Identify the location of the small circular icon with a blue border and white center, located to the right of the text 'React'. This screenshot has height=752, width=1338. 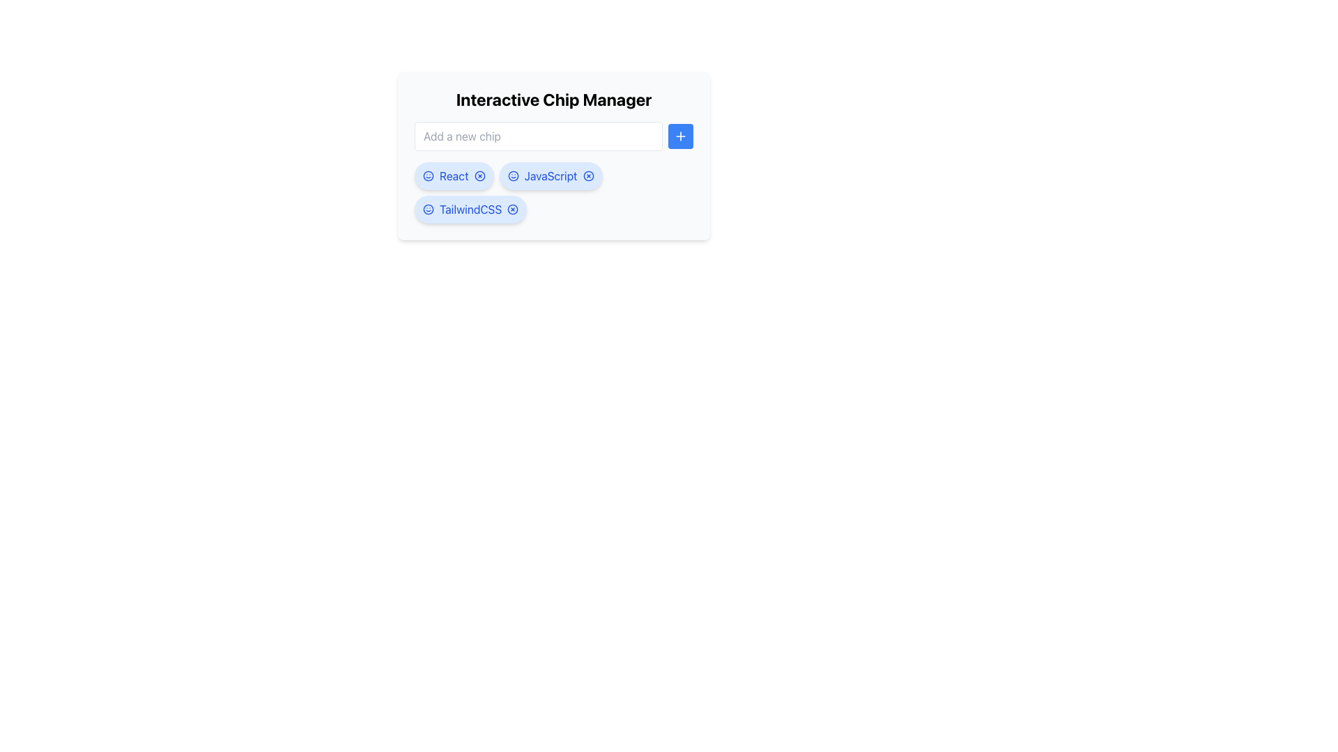
(479, 175).